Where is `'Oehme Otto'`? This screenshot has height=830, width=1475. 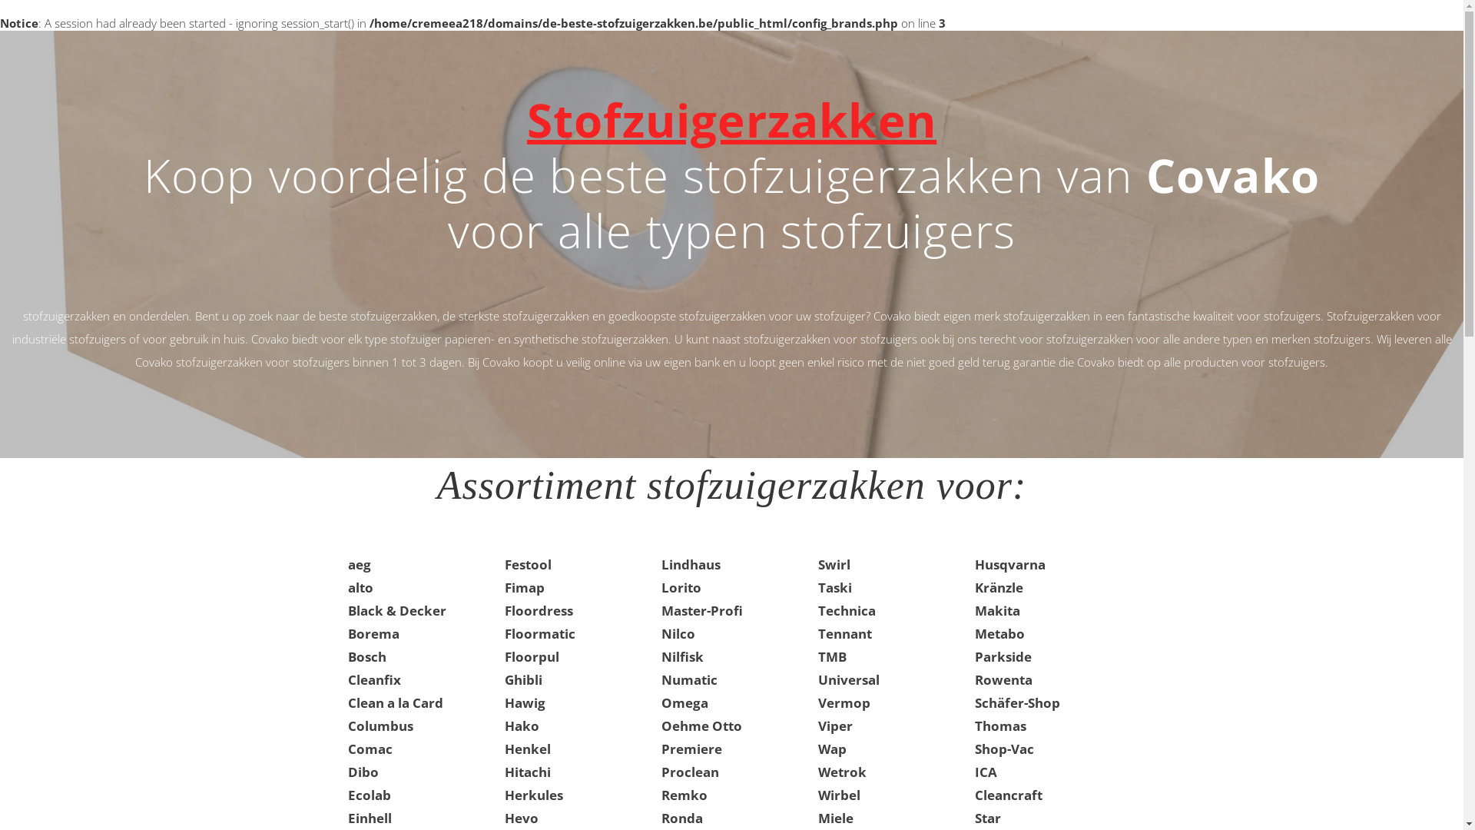 'Oehme Otto' is located at coordinates (700, 725).